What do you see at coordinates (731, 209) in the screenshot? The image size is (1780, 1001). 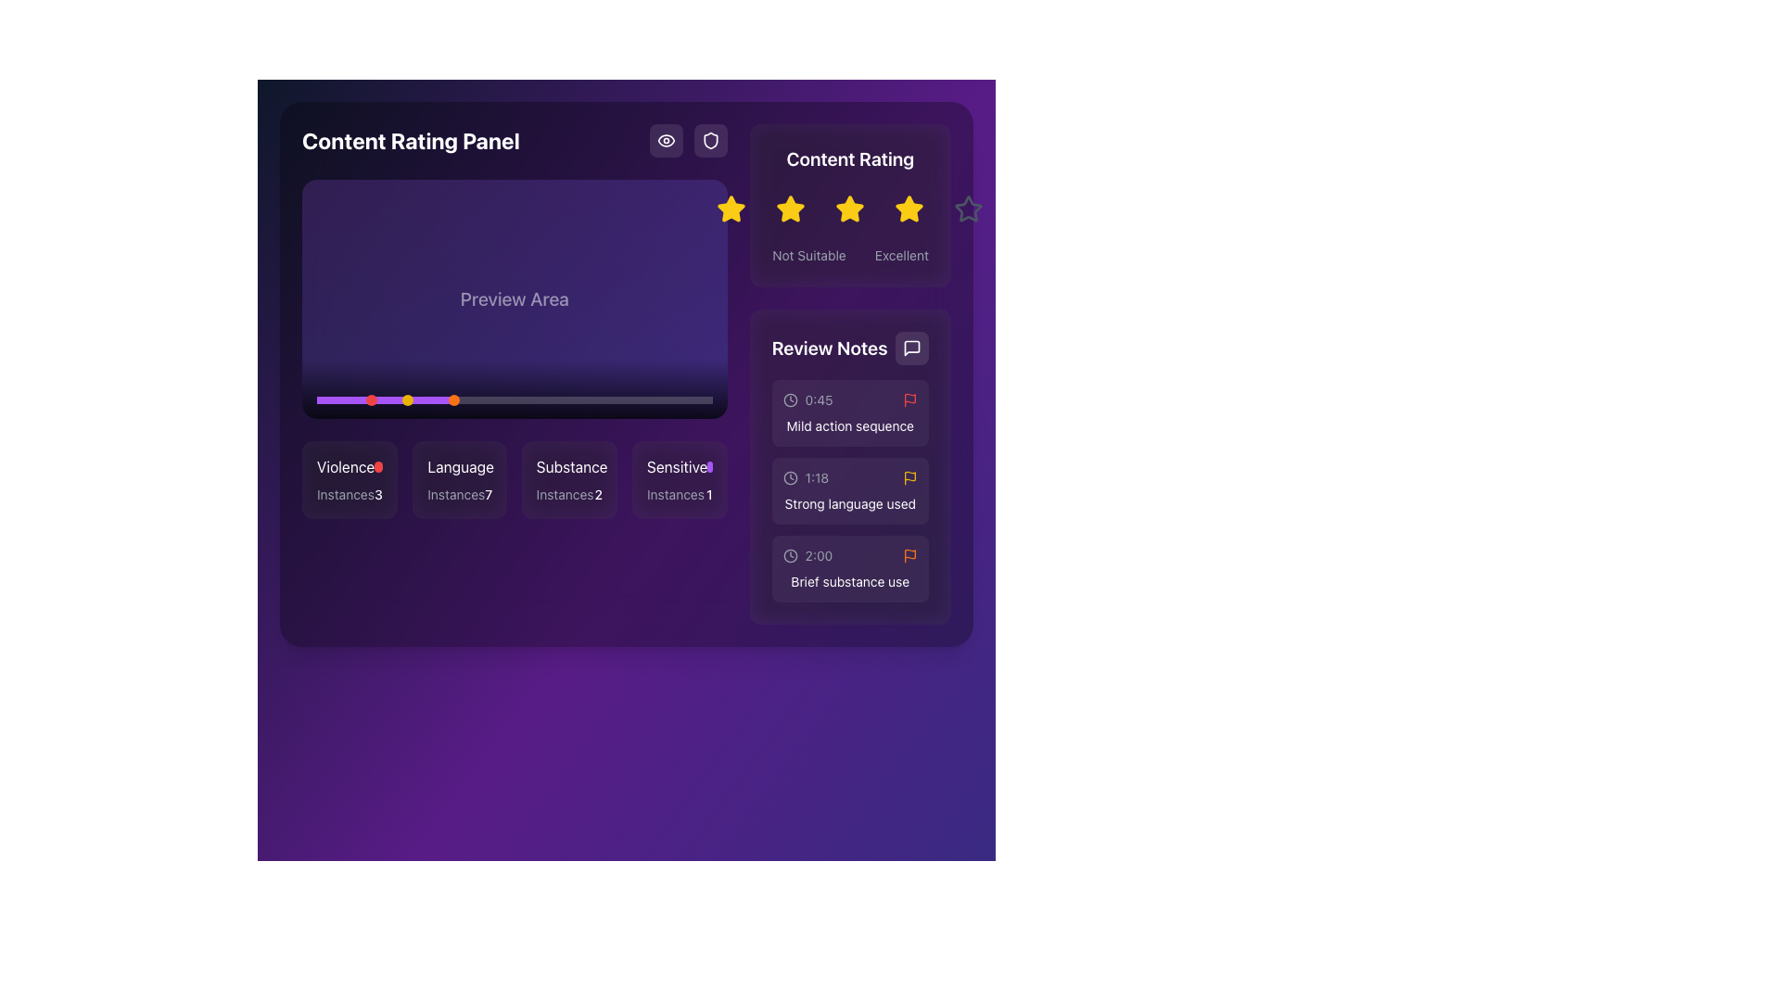 I see `the yellow star-shaped rating icon` at bounding box center [731, 209].